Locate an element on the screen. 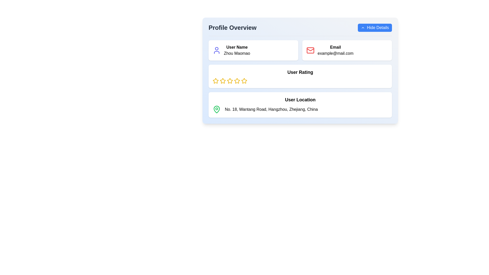 The image size is (489, 275). each star in the Rating indicator located in the 'User Rating' section of the 'Profile Overview' card is located at coordinates (300, 80).